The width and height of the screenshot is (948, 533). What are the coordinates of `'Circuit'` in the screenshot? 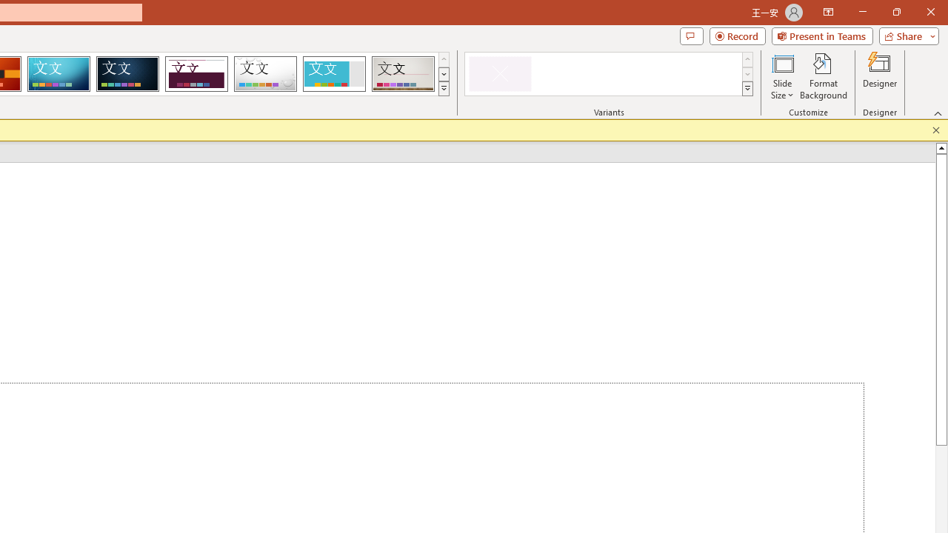 It's located at (59, 74).